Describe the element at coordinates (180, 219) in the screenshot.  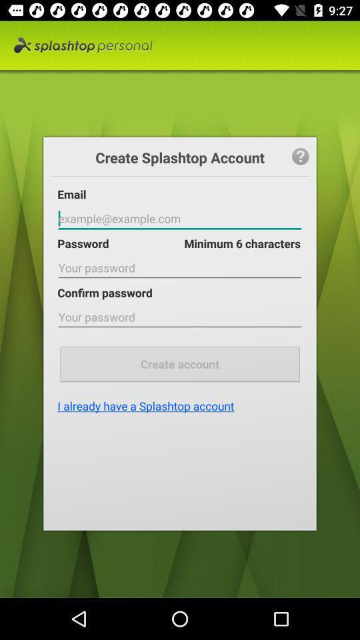
I see `fill in email sign in` at that location.